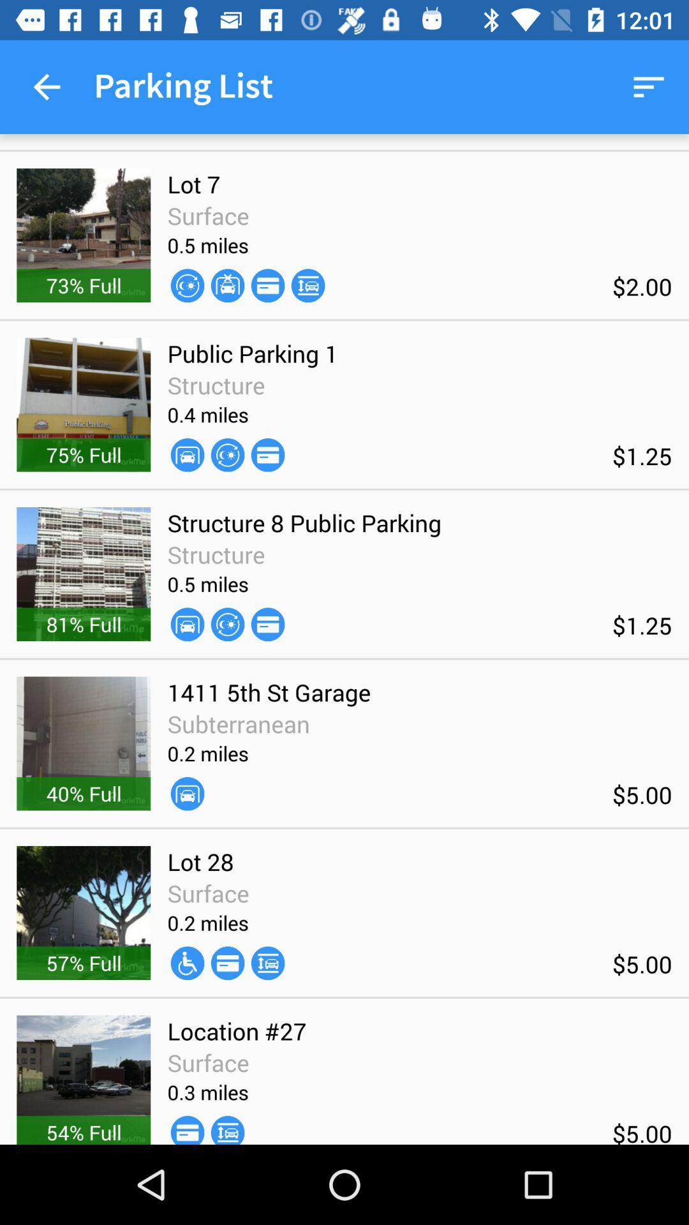 This screenshot has width=689, height=1225. I want to click on the 54% full icon, so click(84, 1131).